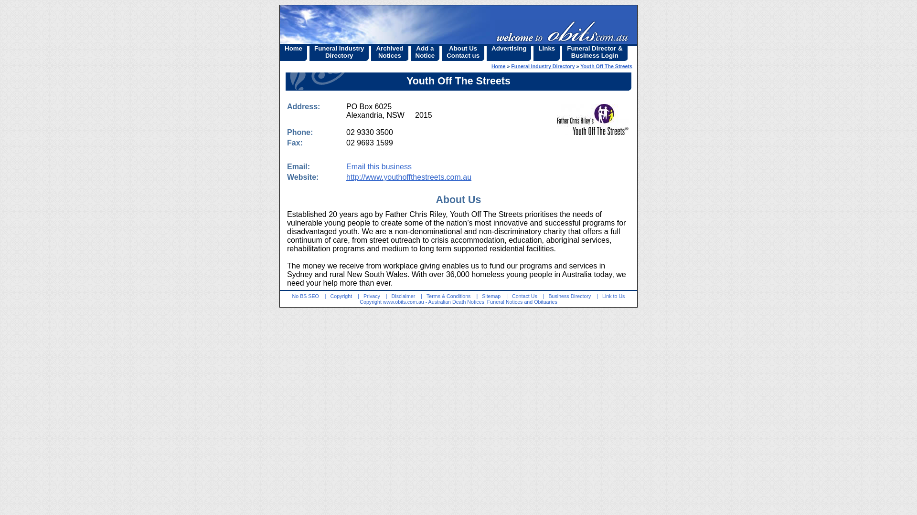 Image resolution: width=917 pixels, height=515 pixels. Describe the element at coordinates (279, 52) in the screenshot. I see `'Home'` at that location.